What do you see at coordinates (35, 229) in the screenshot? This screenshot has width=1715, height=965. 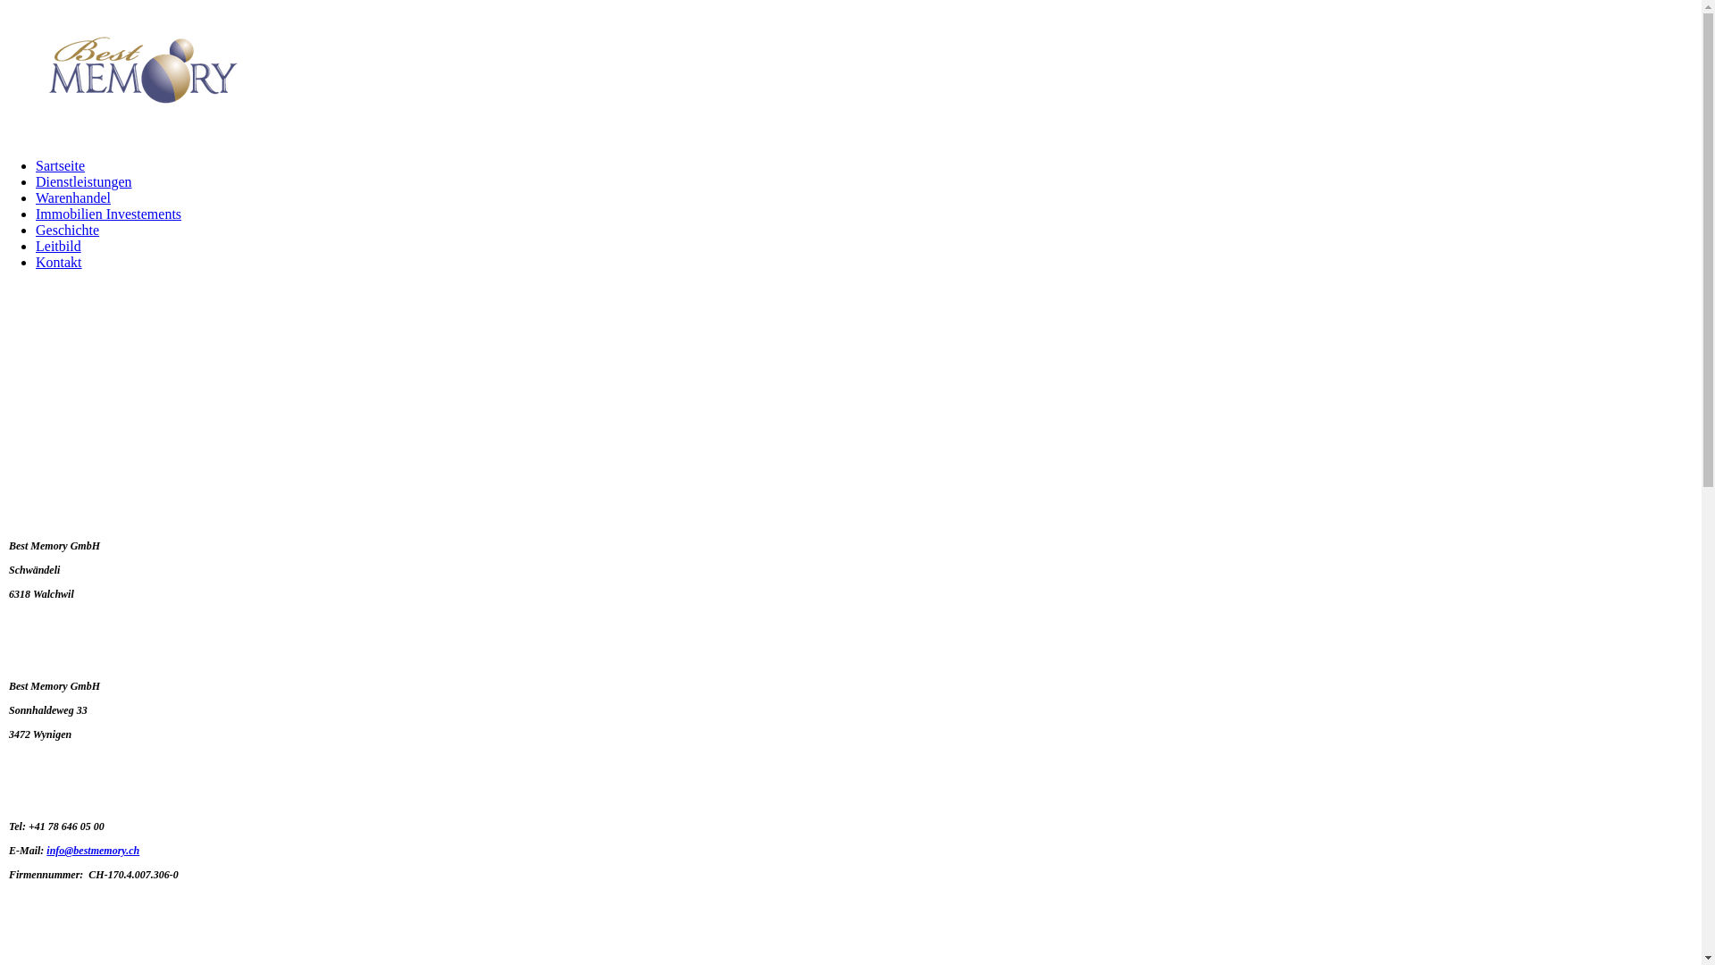 I see `'Geschichte'` at bounding box center [35, 229].